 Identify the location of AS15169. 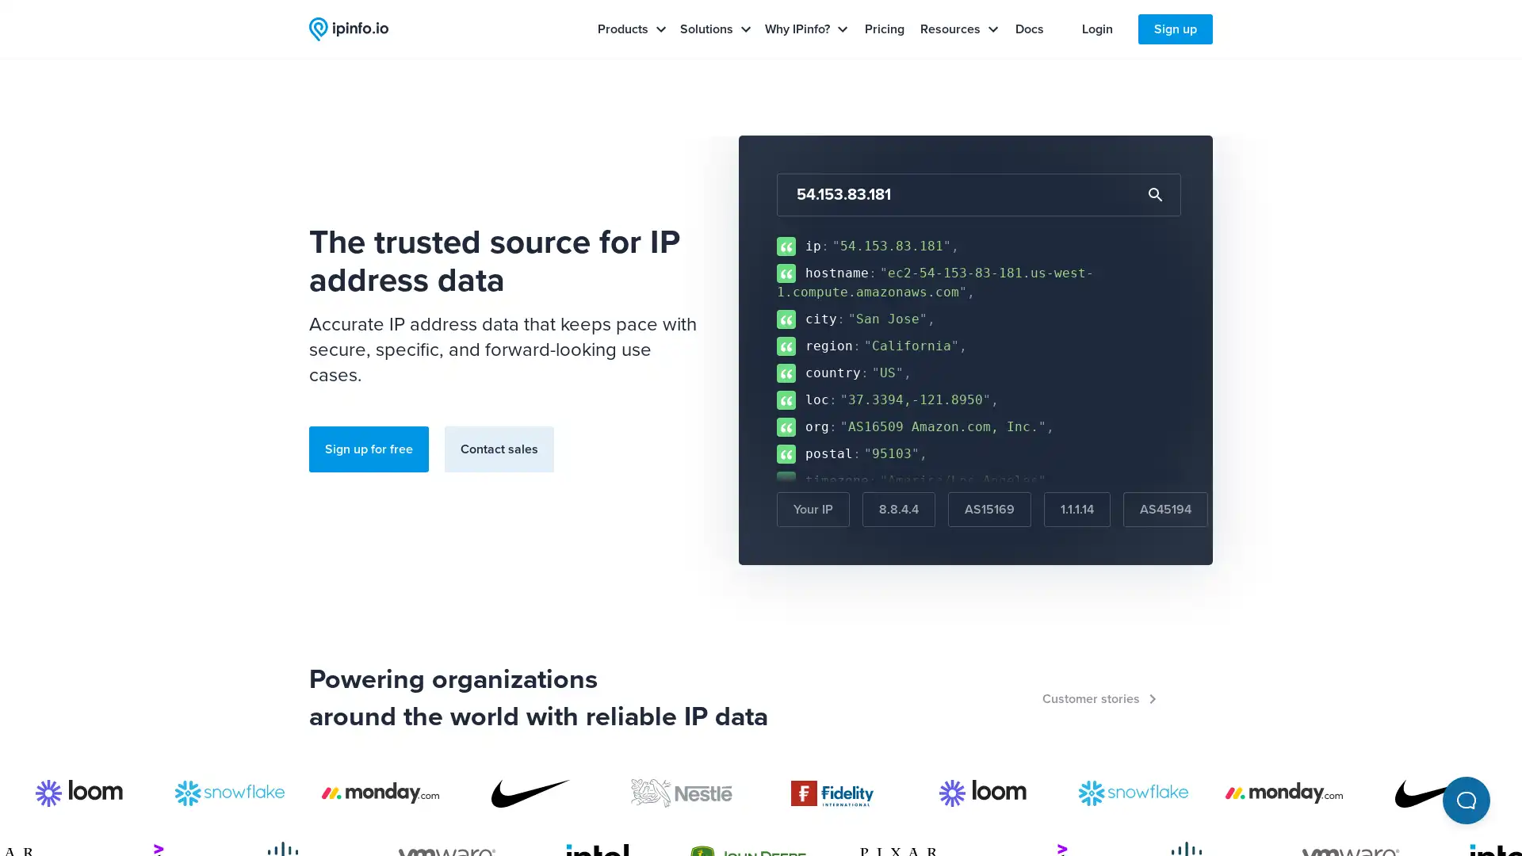
(989, 510).